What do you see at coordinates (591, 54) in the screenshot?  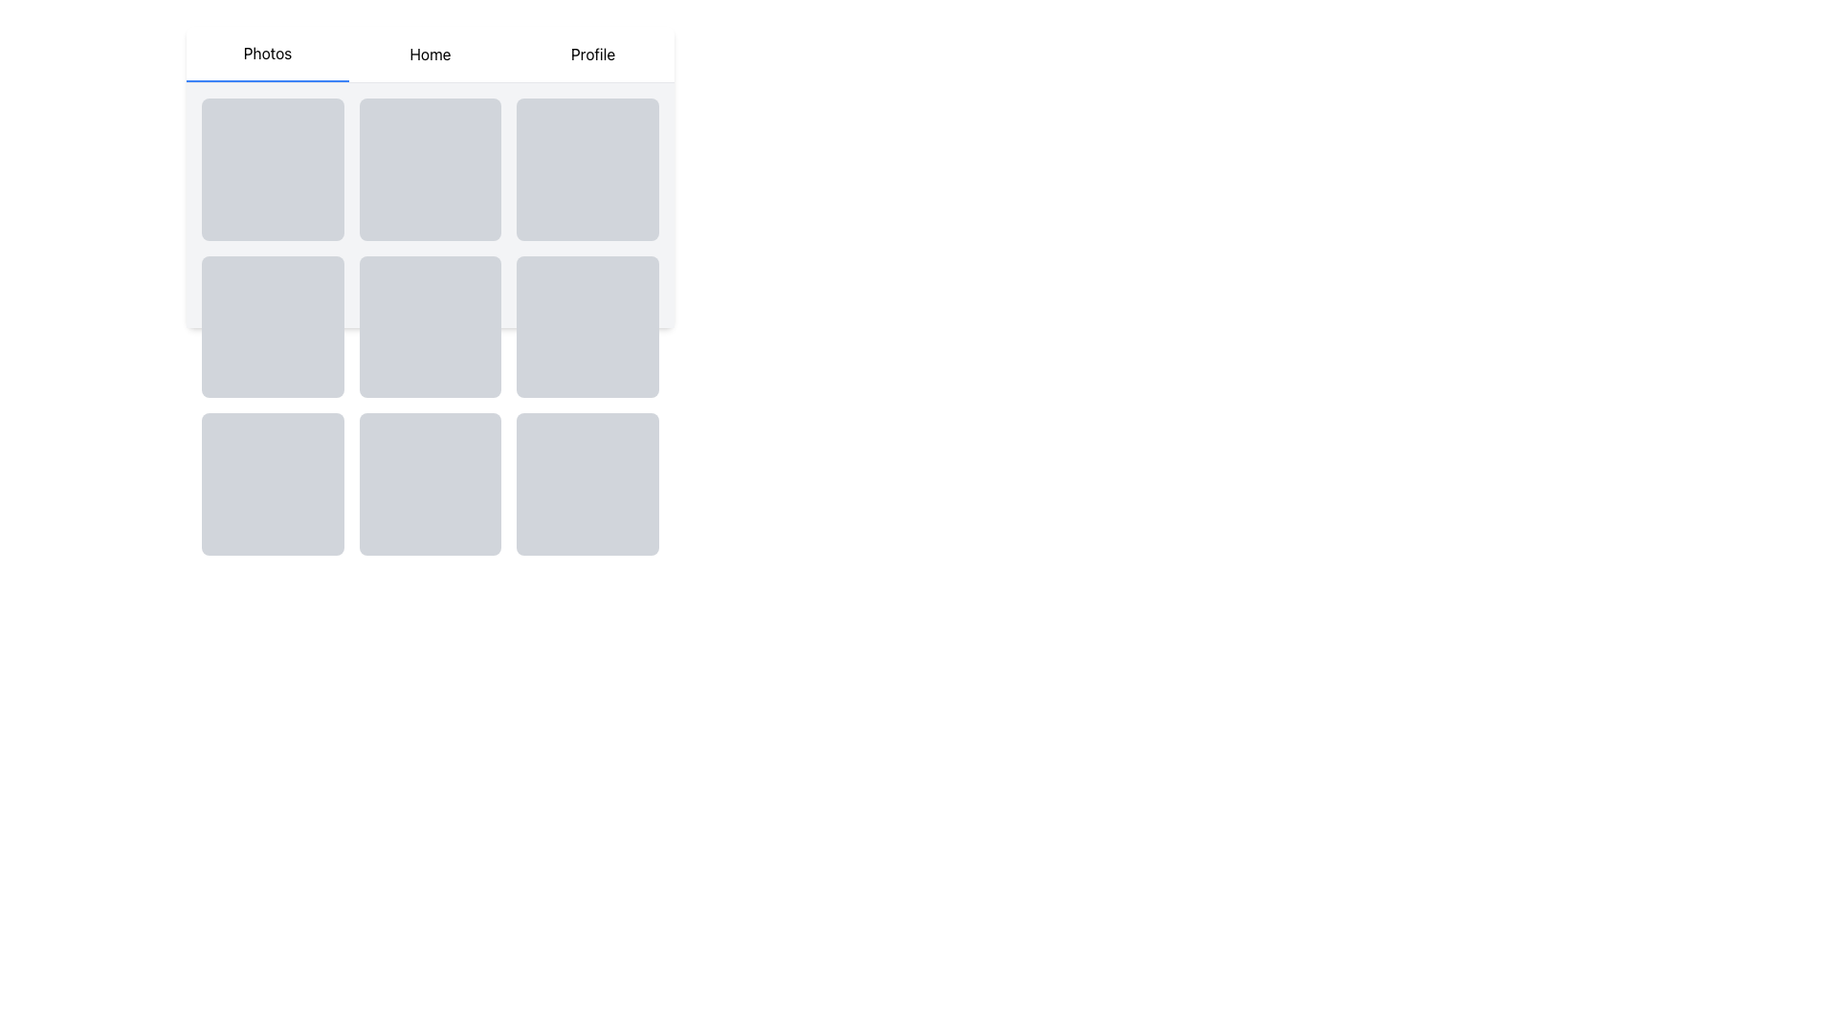 I see `the 'Profile' button, which is the third item in the horizontal navigation bar at the top of the layout` at bounding box center [591, 54].